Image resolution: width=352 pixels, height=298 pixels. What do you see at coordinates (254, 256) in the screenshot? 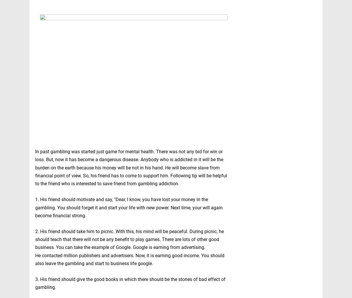
I see `'Accounting Scandals'` at bounding box center [254, 256].